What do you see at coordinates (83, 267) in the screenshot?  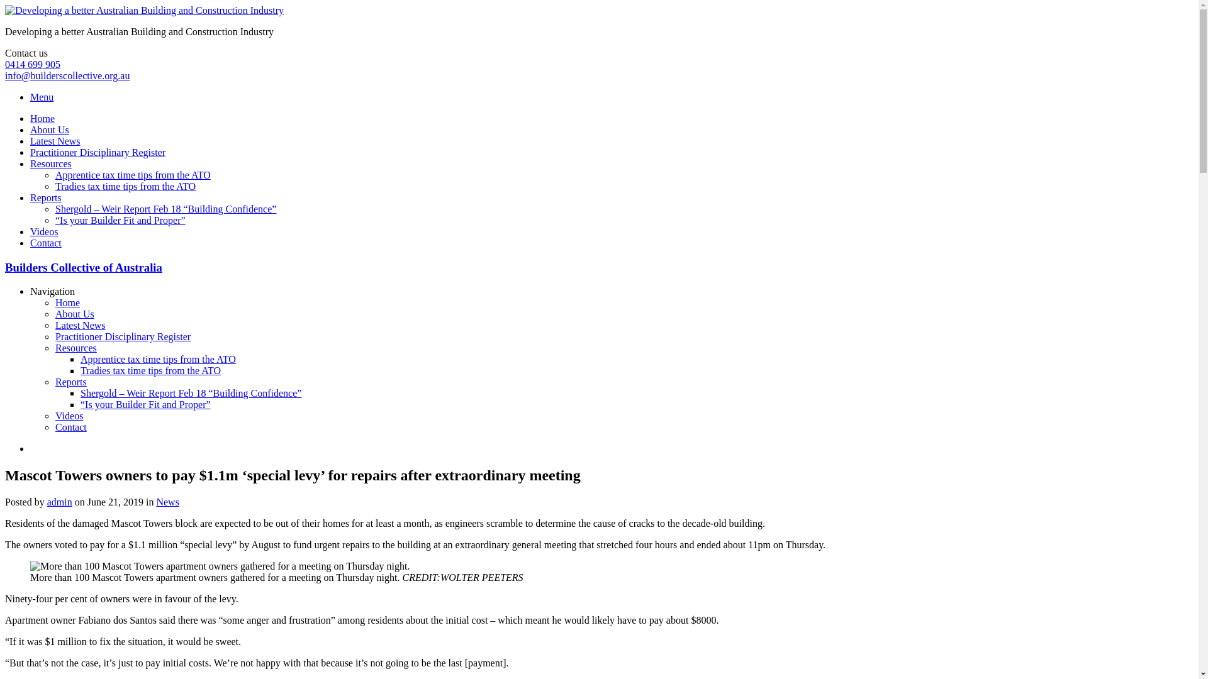 I see `'Builders Collective of Australia'` at bounding box center [83, 267].